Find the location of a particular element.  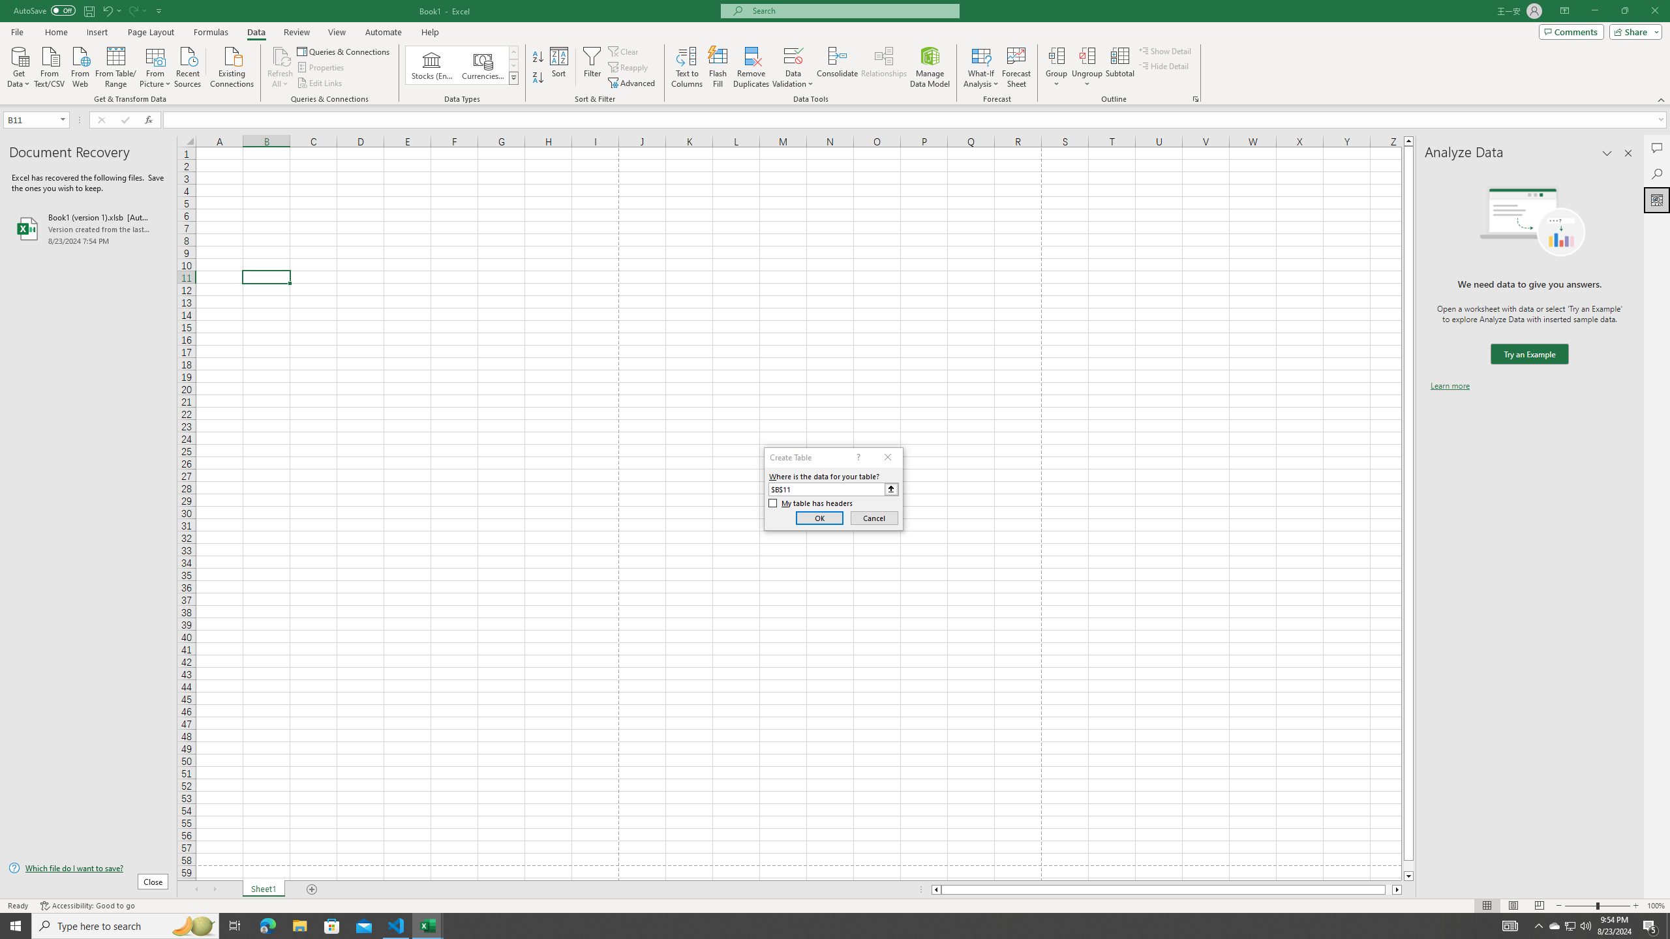

'Sort Z to A' is located at coordinates (538, 77).